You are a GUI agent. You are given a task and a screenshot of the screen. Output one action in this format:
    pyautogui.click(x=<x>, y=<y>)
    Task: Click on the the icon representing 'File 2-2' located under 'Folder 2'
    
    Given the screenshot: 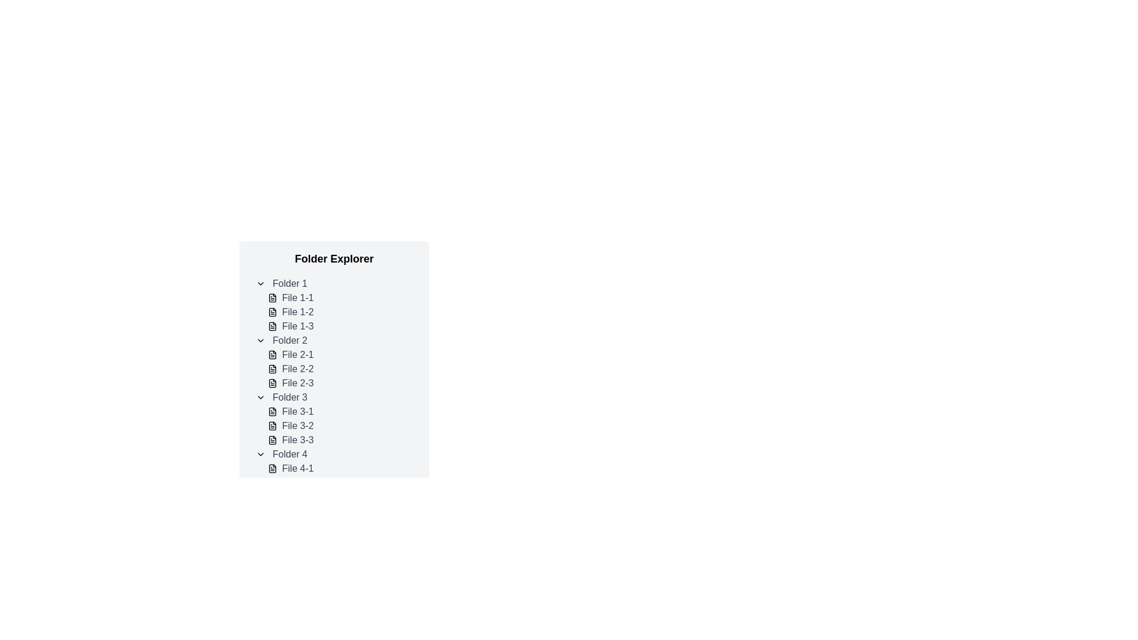 What is the action you would take?
    pyautogui.click(x=272, y=369)
    